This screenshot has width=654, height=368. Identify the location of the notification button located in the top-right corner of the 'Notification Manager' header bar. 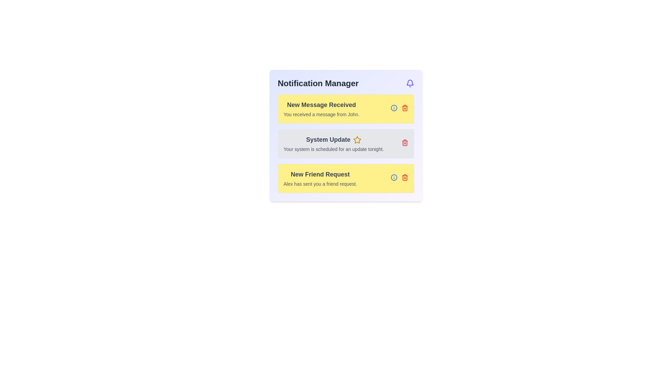
(409, 83).